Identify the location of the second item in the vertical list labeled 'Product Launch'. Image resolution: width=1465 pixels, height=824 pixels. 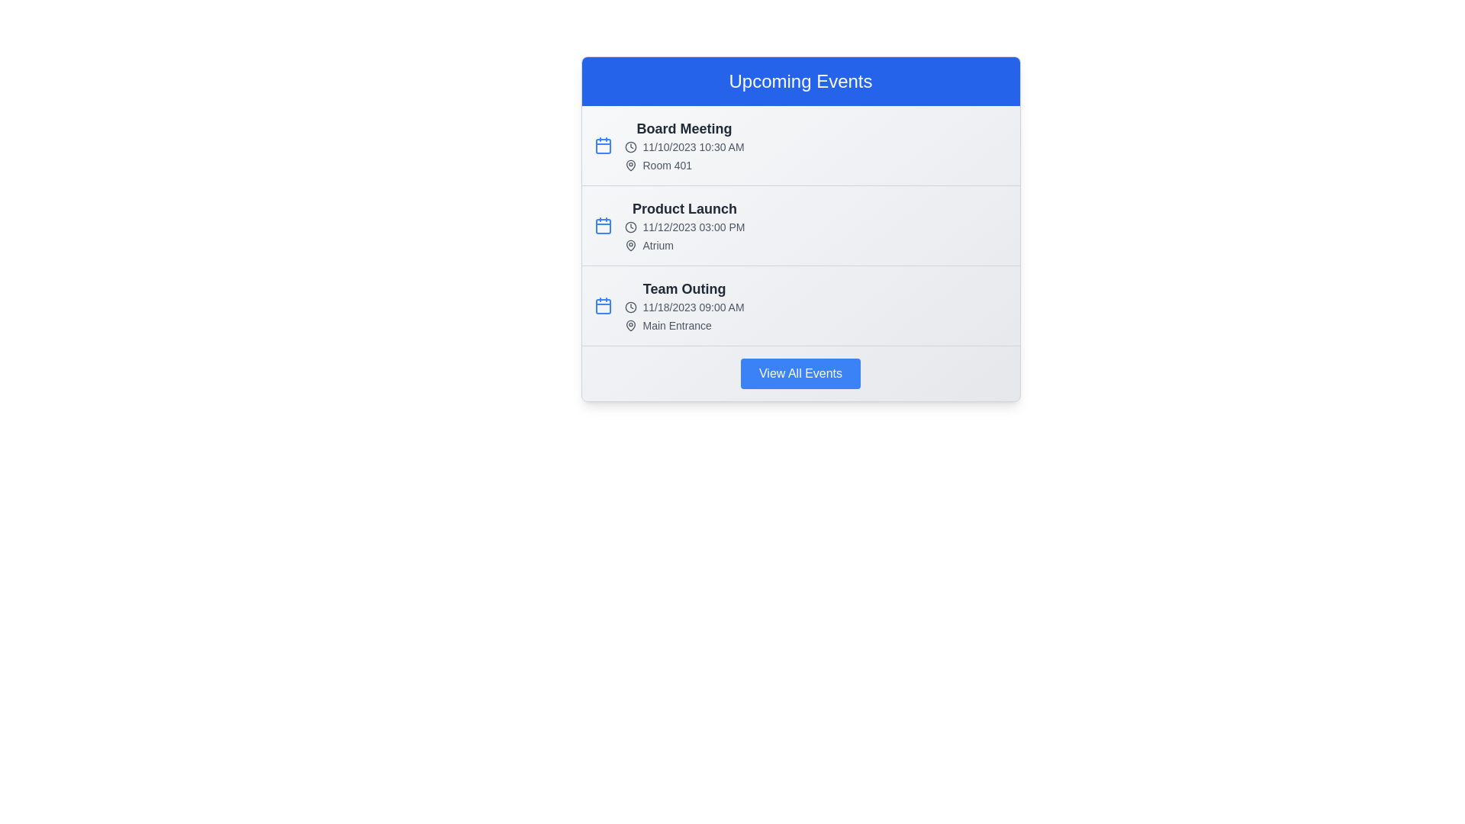
(800, 226).